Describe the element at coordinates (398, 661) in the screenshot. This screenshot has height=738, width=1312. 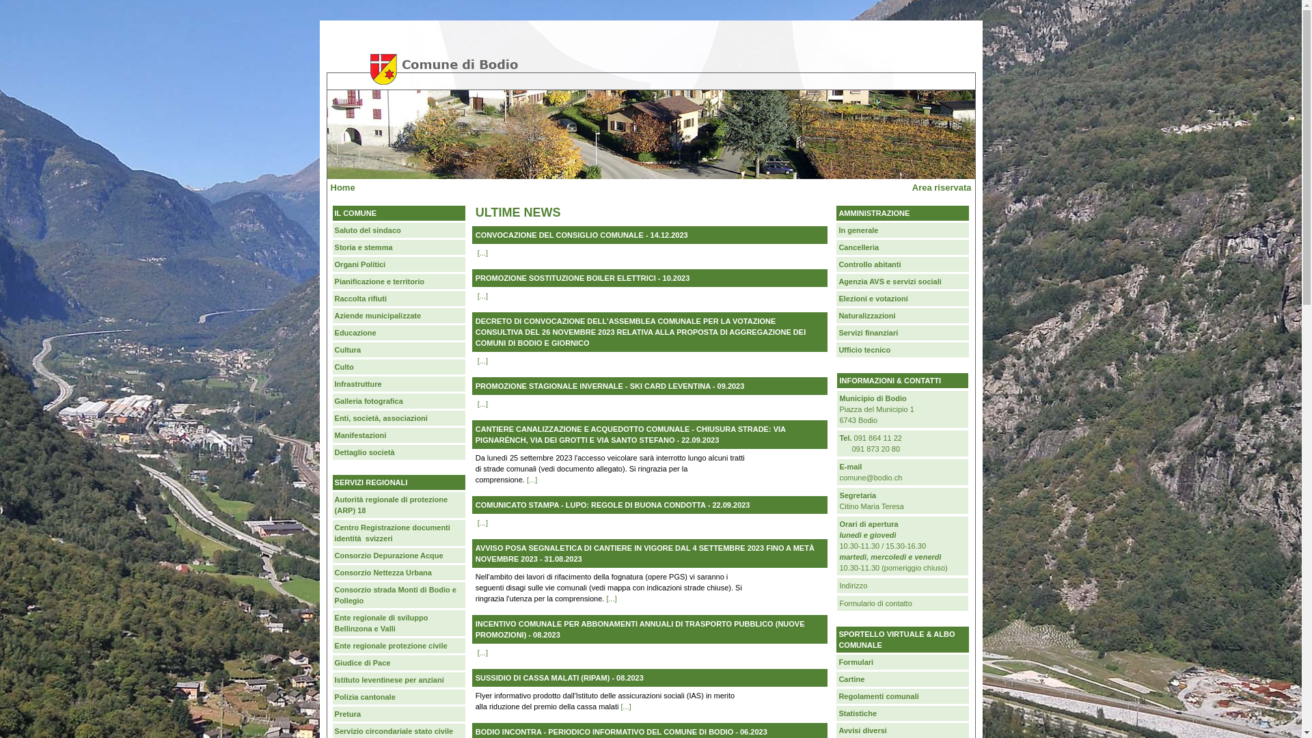
I see `'Giudice di Pace'` at that location.